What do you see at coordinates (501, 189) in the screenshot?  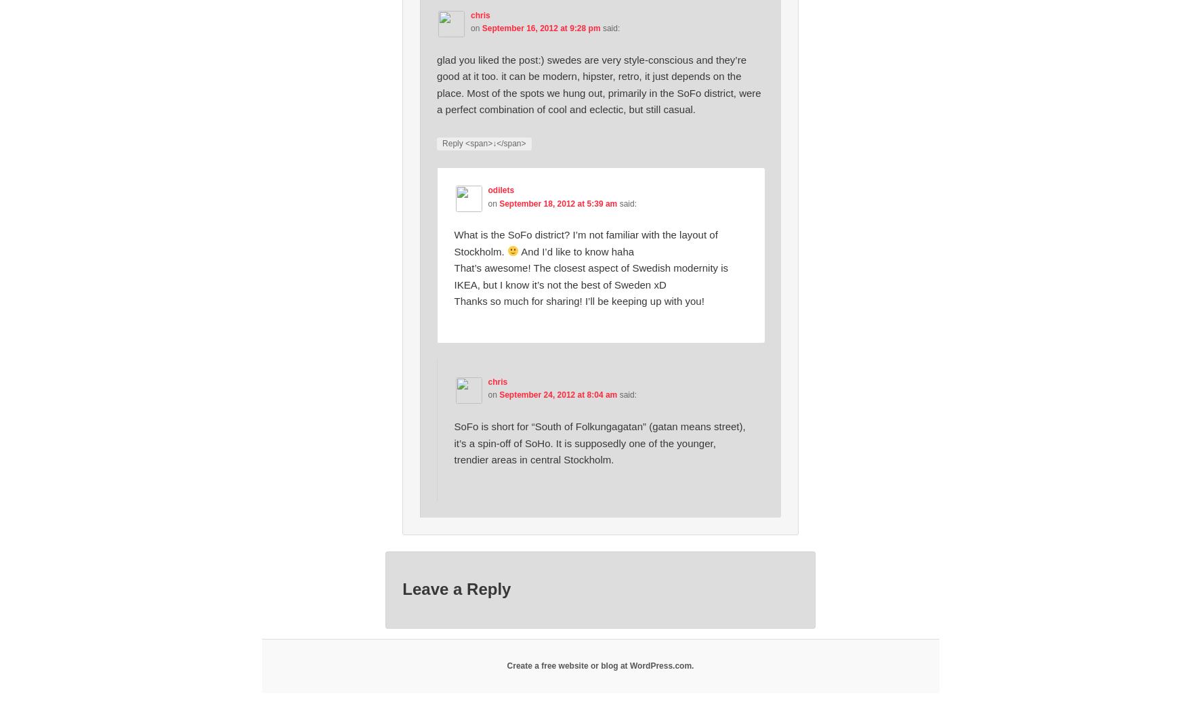 I see `'odilets'` at bounding box center [501, 189].